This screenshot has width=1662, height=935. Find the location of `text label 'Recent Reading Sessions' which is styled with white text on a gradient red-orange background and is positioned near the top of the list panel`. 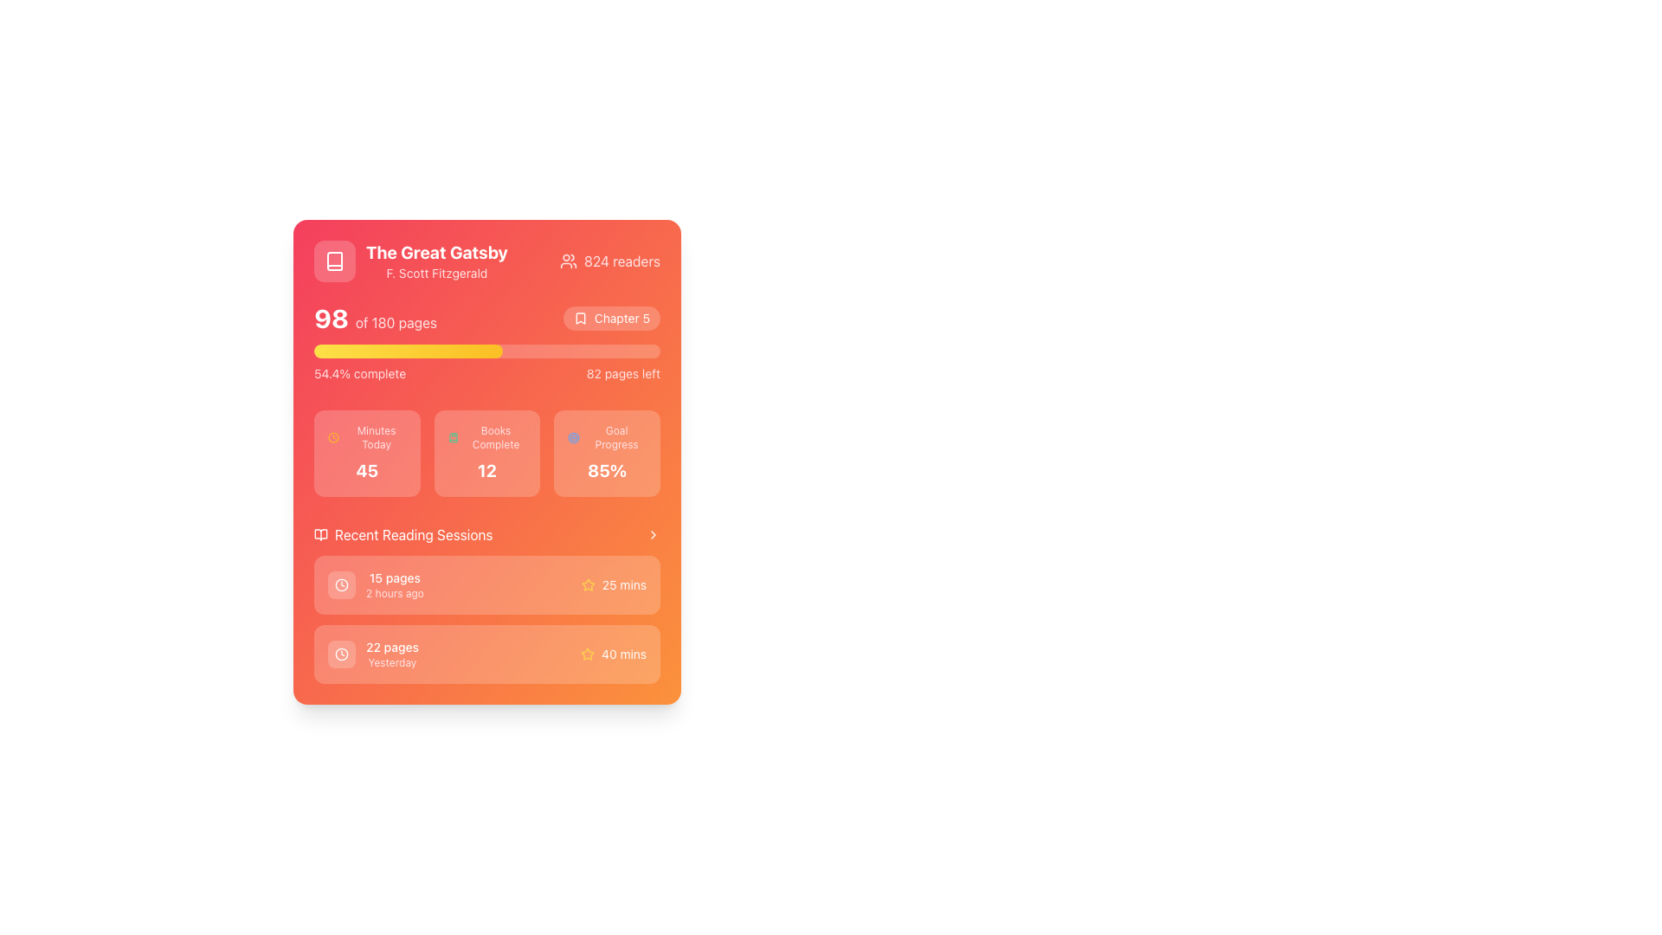

text label 'Recent Reading Sessions' which is styled with white text on a gradient red-orange background and is positioned near the top of the list panel is located at coordinates (486, 533).